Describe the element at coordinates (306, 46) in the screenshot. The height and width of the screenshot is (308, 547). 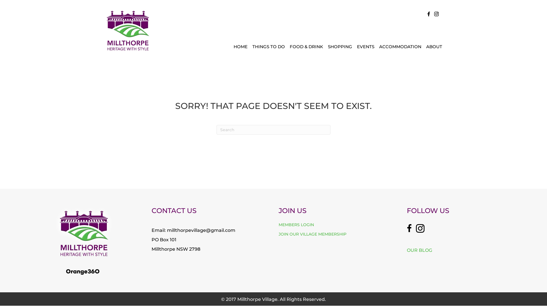
I see `'FOOD & DRINK'` at that location.